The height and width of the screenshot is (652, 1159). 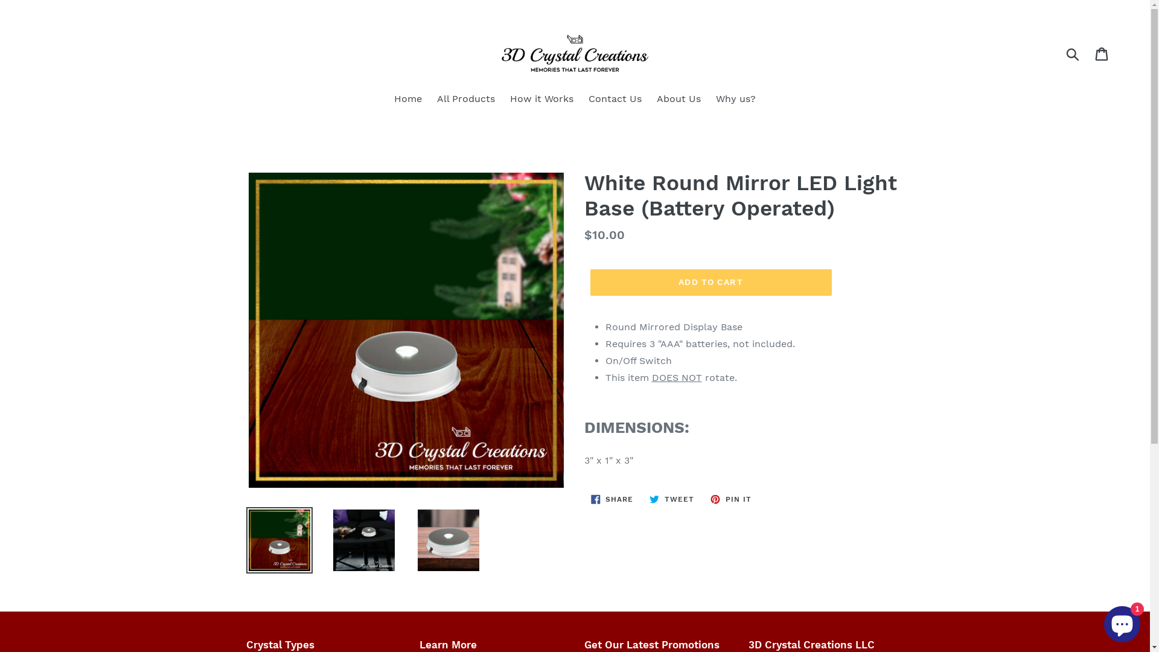 I want to click on 'PIN IT, so click(x=730, y=499).